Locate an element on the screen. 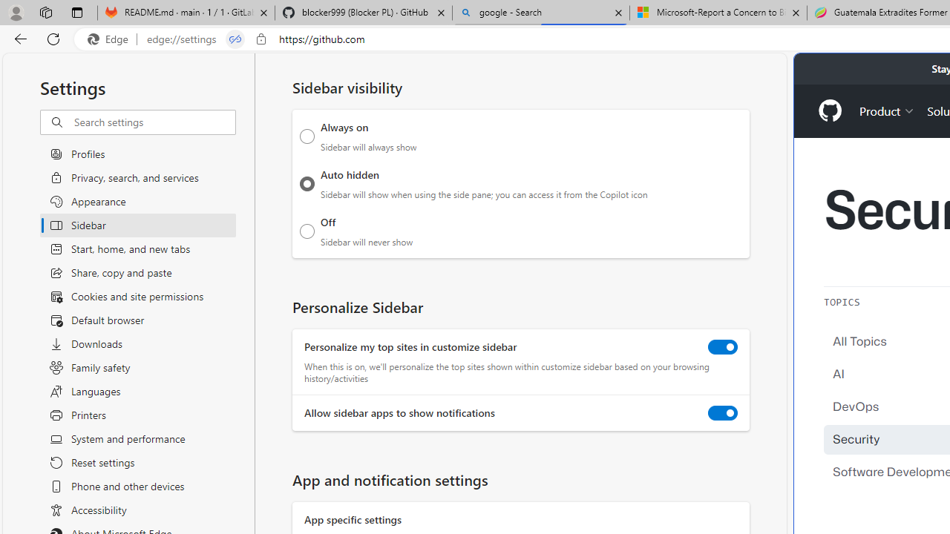 This screenshot has height=534, width=950. 'Product' is located at coordinates (887, 110).